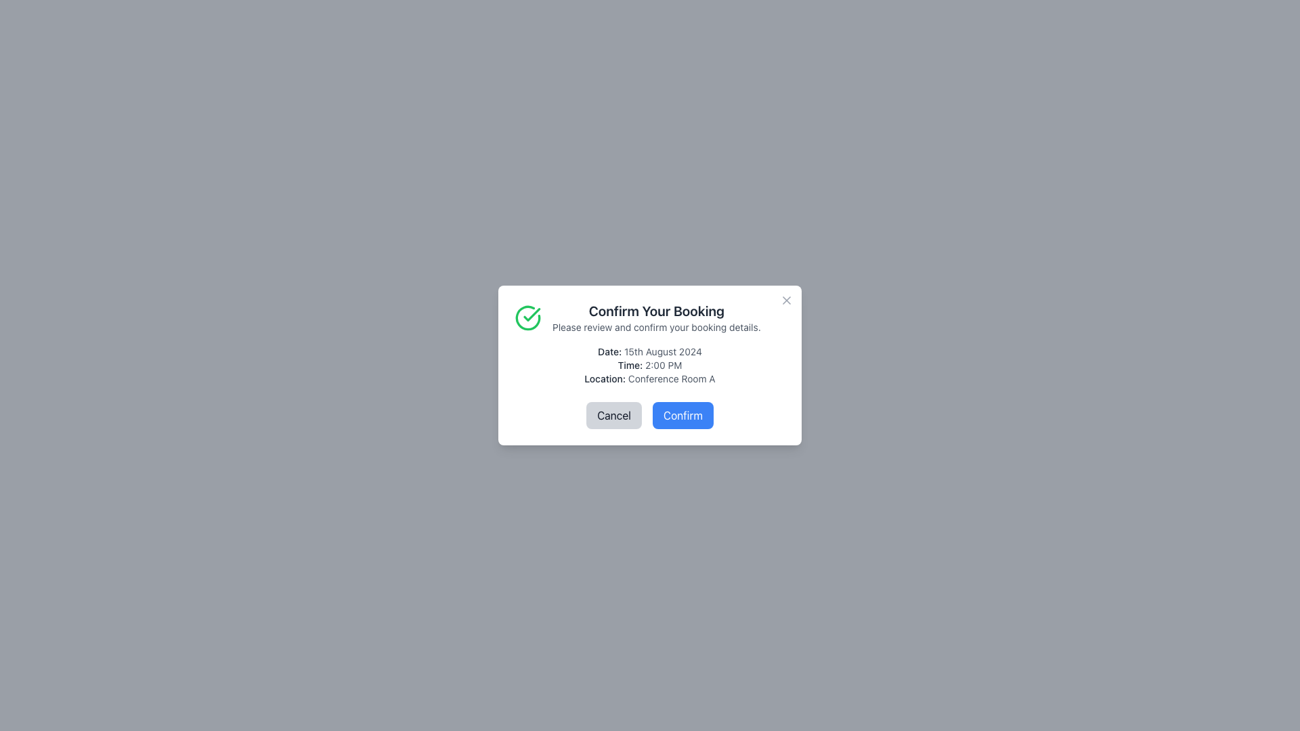 This screenshot has width=1300, height=731. I want to click on the confirmation icon located in the top-left corner of the central confirmation dialog, which symbolizes a successful confirmation action, so click(531, 315).